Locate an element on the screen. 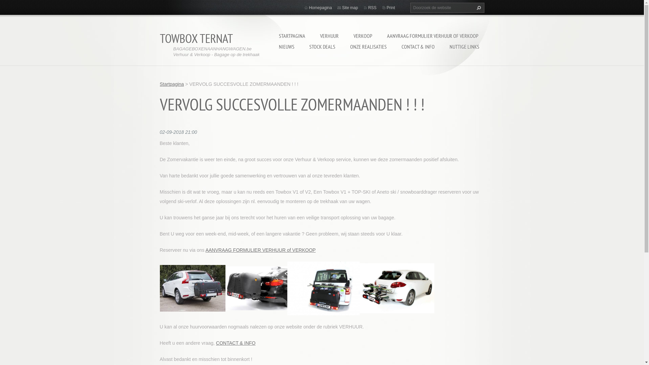 The height and width of the screenshot is (365, 649). 'STOCK DEALS' is located at coordinates (321, 46).